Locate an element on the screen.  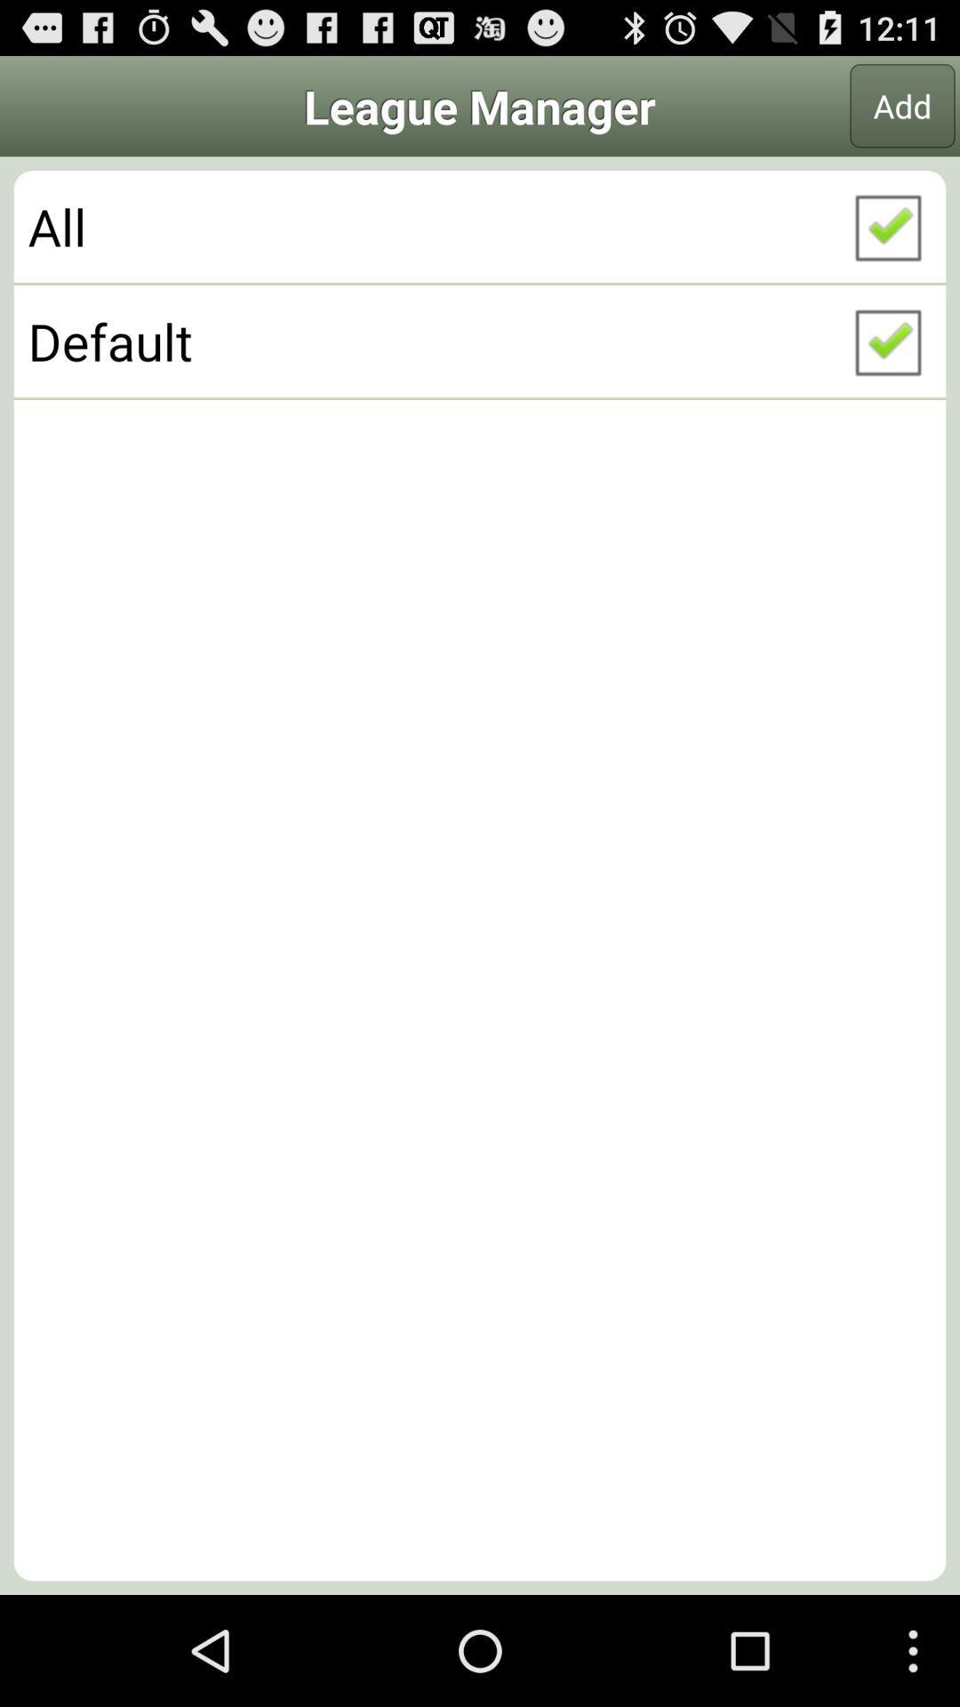
item at the top right corner is located at coordinates (902, 105).